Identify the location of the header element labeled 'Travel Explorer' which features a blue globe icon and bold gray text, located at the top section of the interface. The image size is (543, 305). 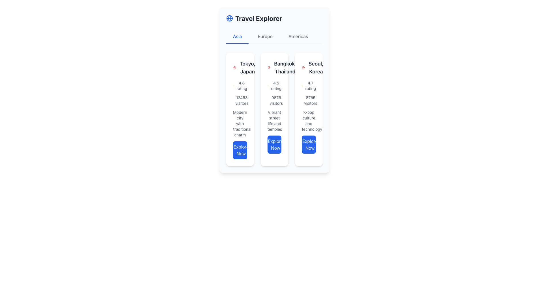
(274, 18).